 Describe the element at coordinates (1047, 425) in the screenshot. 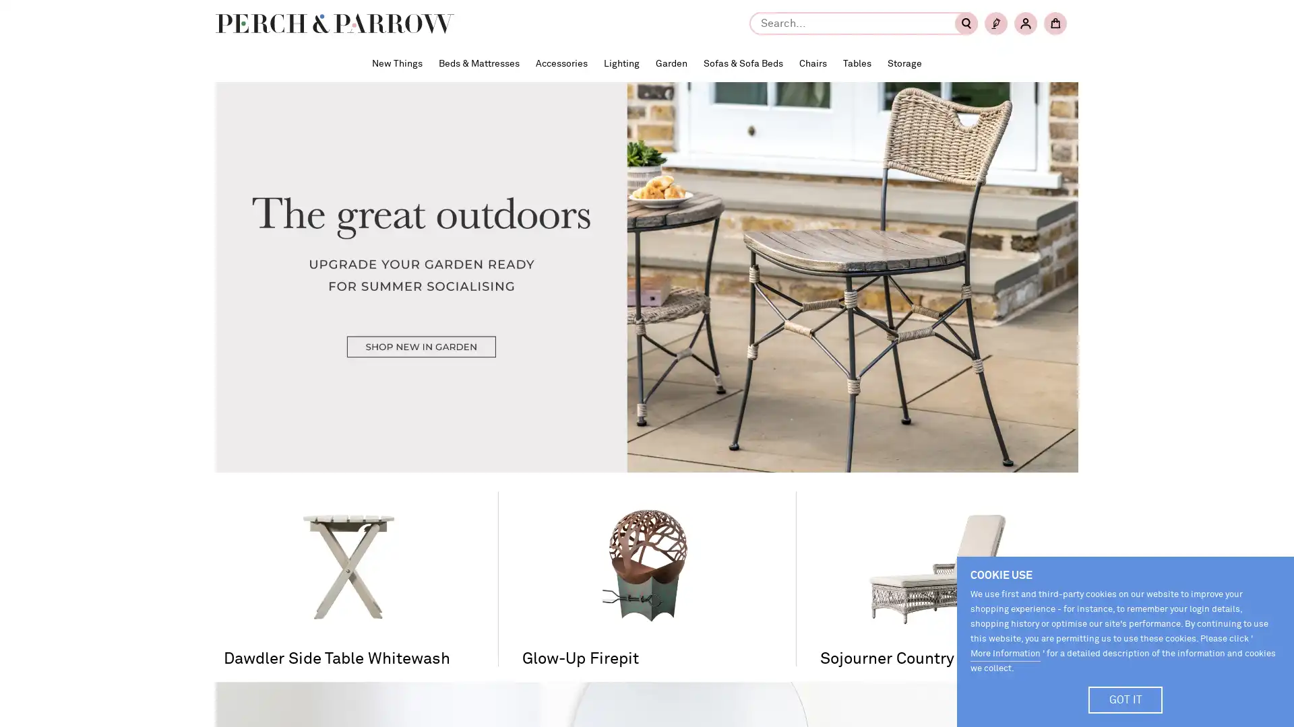

I see `Next` at that location.